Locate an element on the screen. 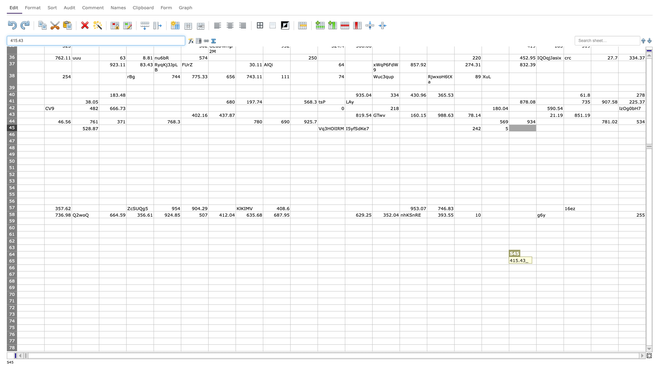 This screenshot has width=656, height=369. Place cursor on fill handle point of T65 is located at coordinates (564, 264).